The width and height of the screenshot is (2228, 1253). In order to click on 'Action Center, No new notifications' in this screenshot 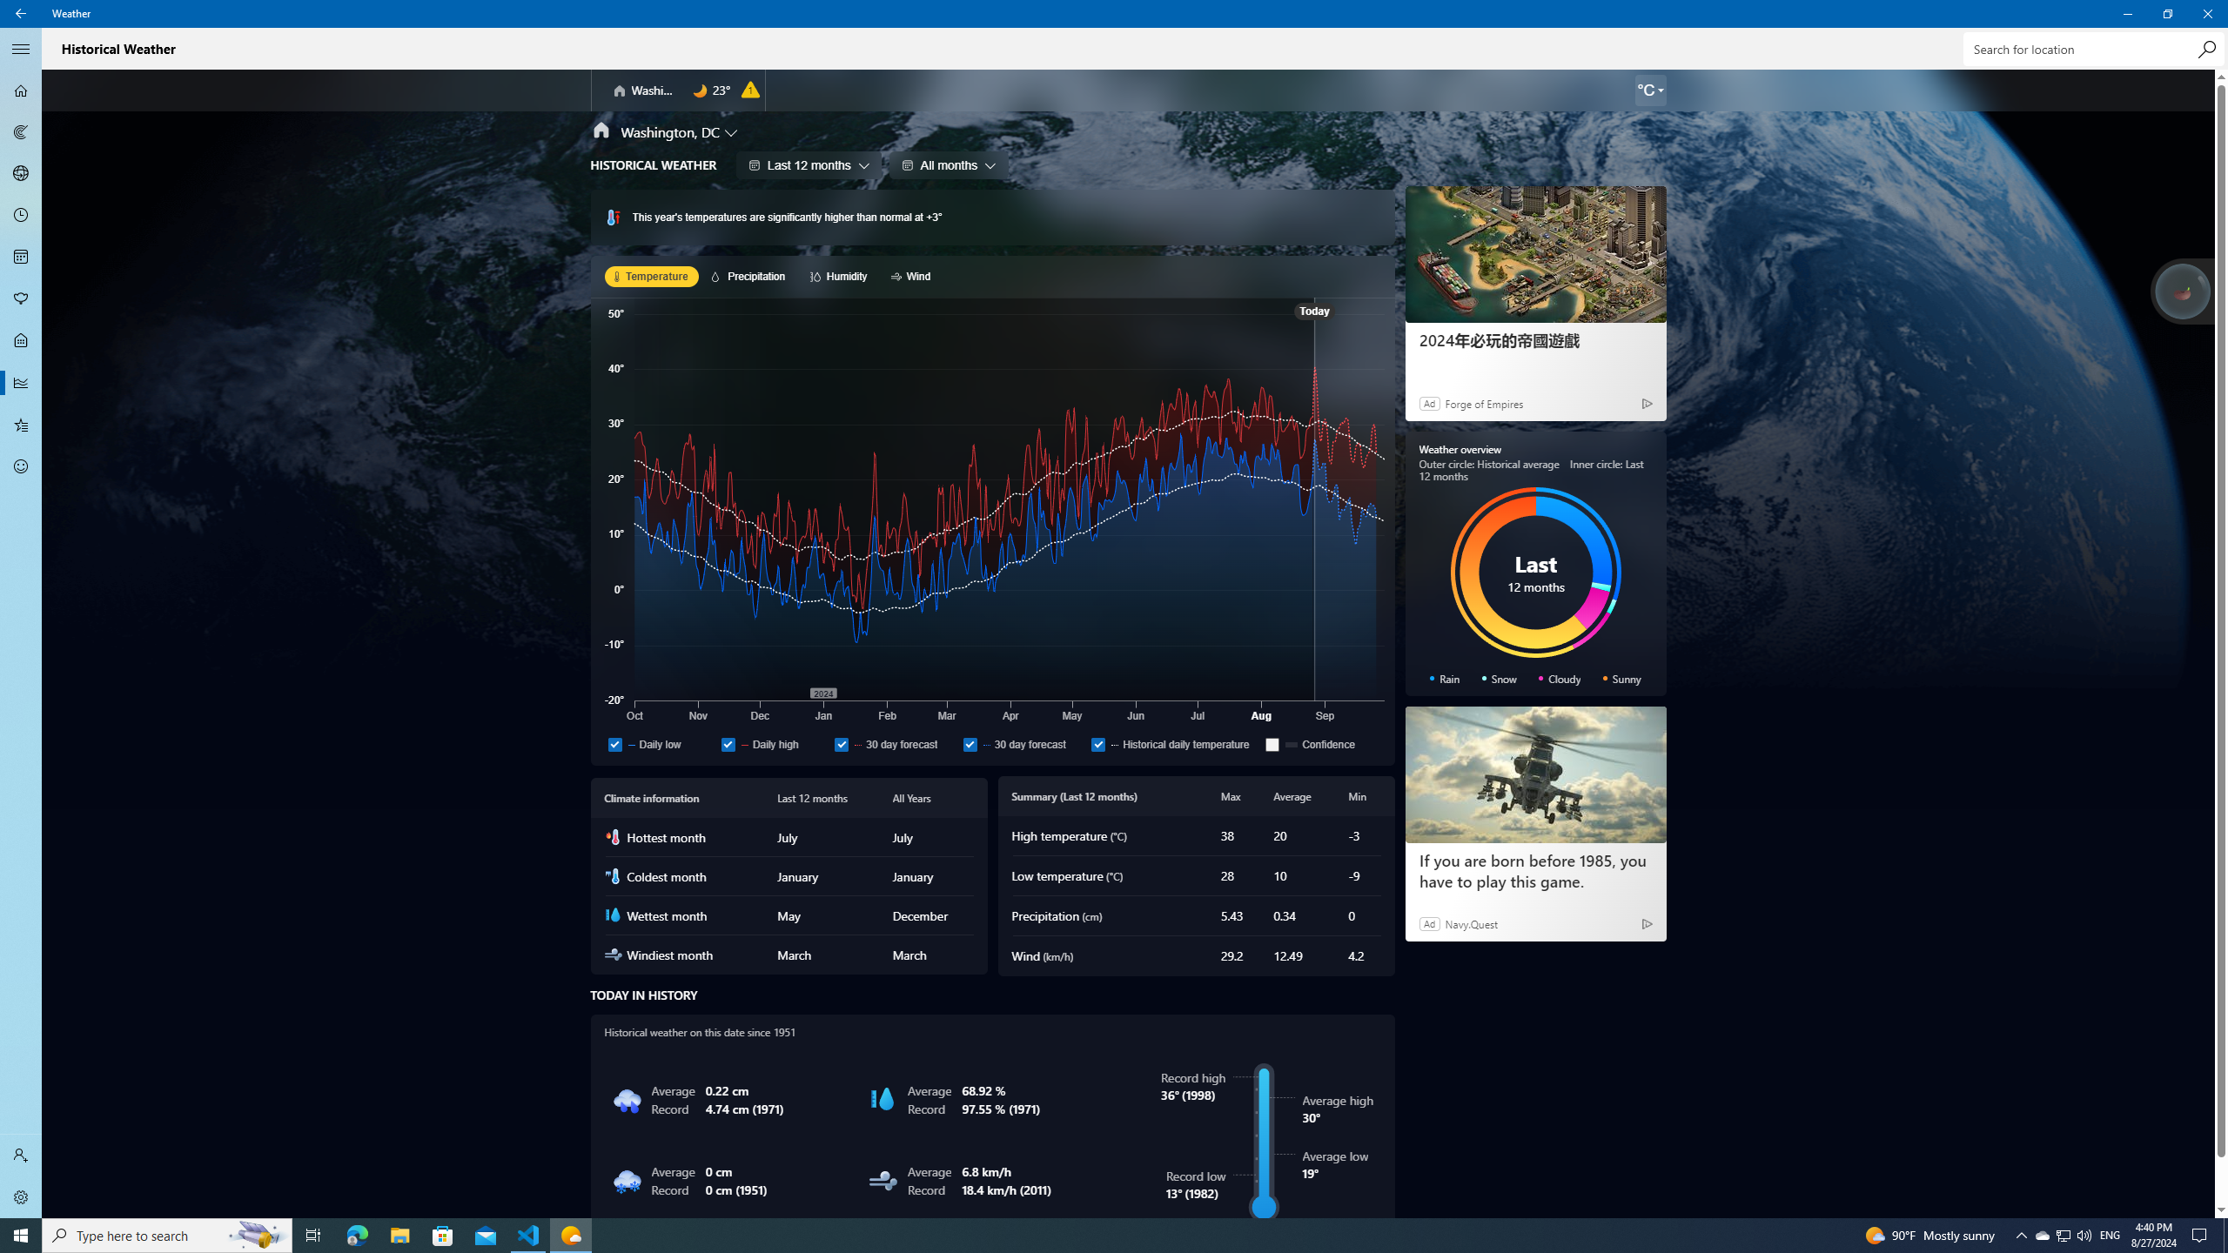, I will do `click(2202, 1234)`.